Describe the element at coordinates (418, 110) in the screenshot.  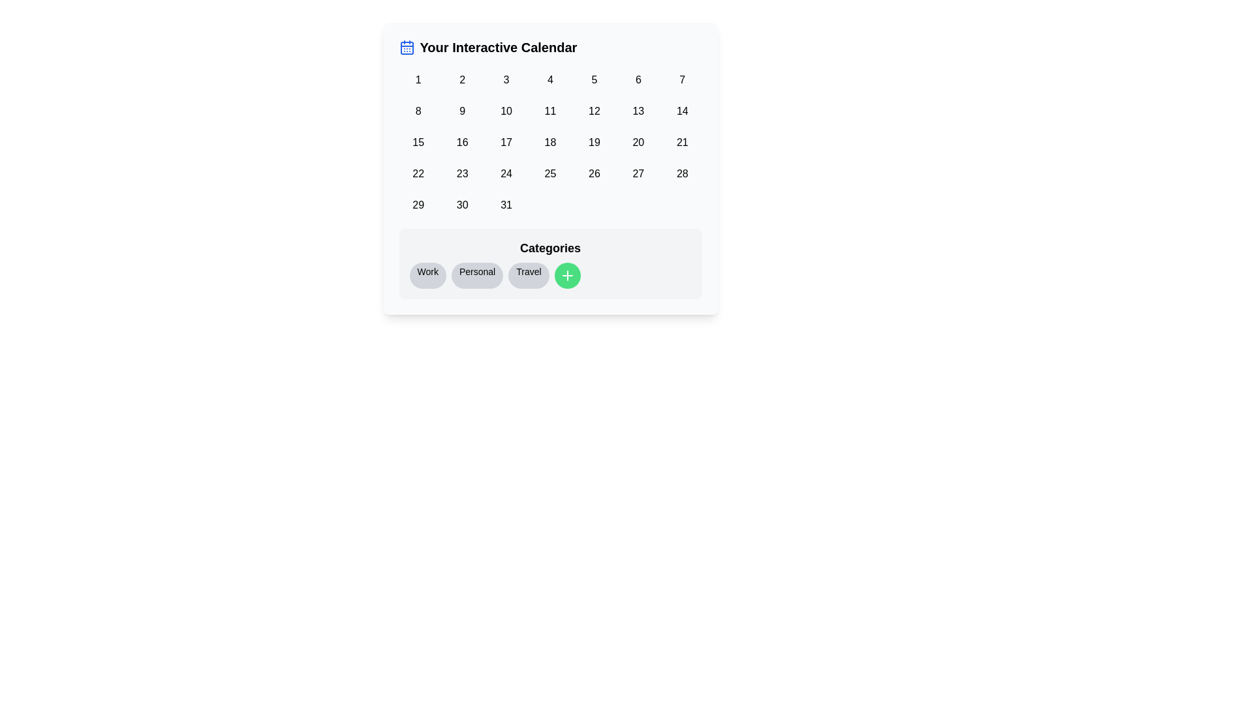
I see `the button representing the 8th day in the calendar` at that location.